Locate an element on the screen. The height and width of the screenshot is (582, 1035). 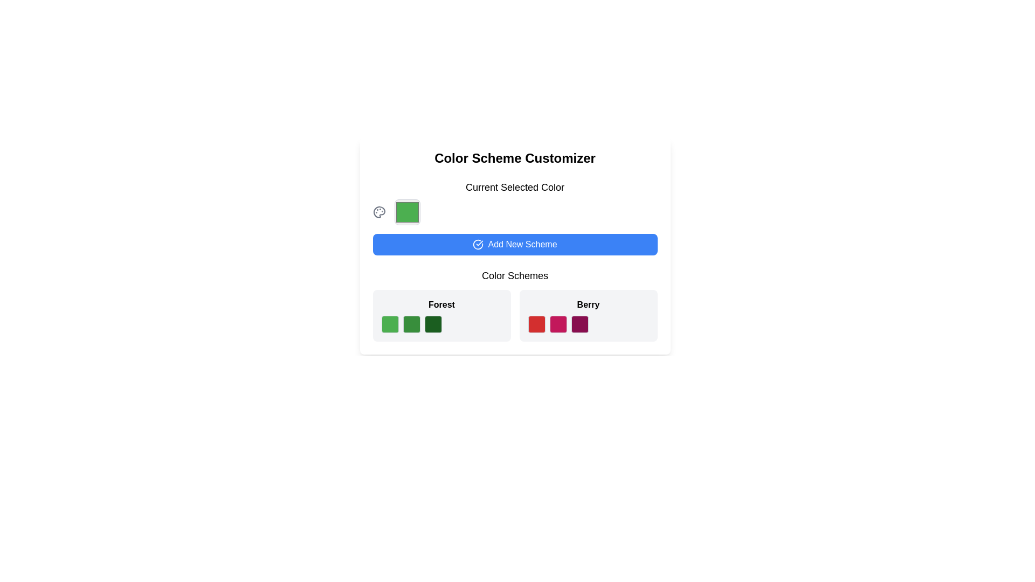
the button that triggers the action of adding a new color scheme to the interface, located centrally below a green color indicator and above the 'Color Schemes' section is located at coordinates (514, 245).